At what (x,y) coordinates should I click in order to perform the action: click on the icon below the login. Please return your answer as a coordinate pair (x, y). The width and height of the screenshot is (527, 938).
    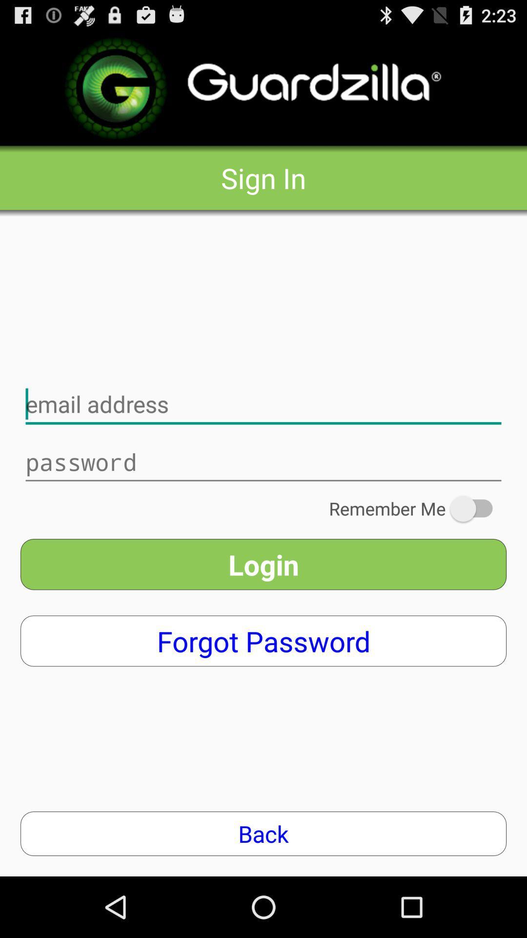
    Looking at the image, I should click on (263, 641).